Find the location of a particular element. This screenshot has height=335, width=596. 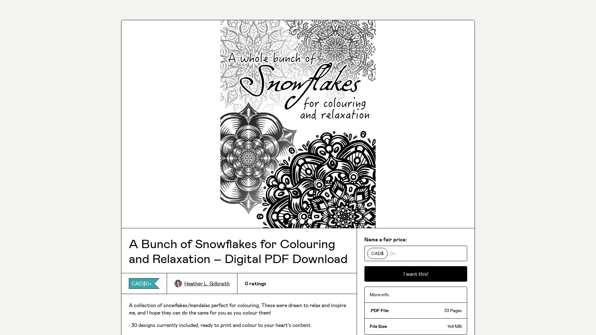

I want this! is located at coordinates (416, 274).